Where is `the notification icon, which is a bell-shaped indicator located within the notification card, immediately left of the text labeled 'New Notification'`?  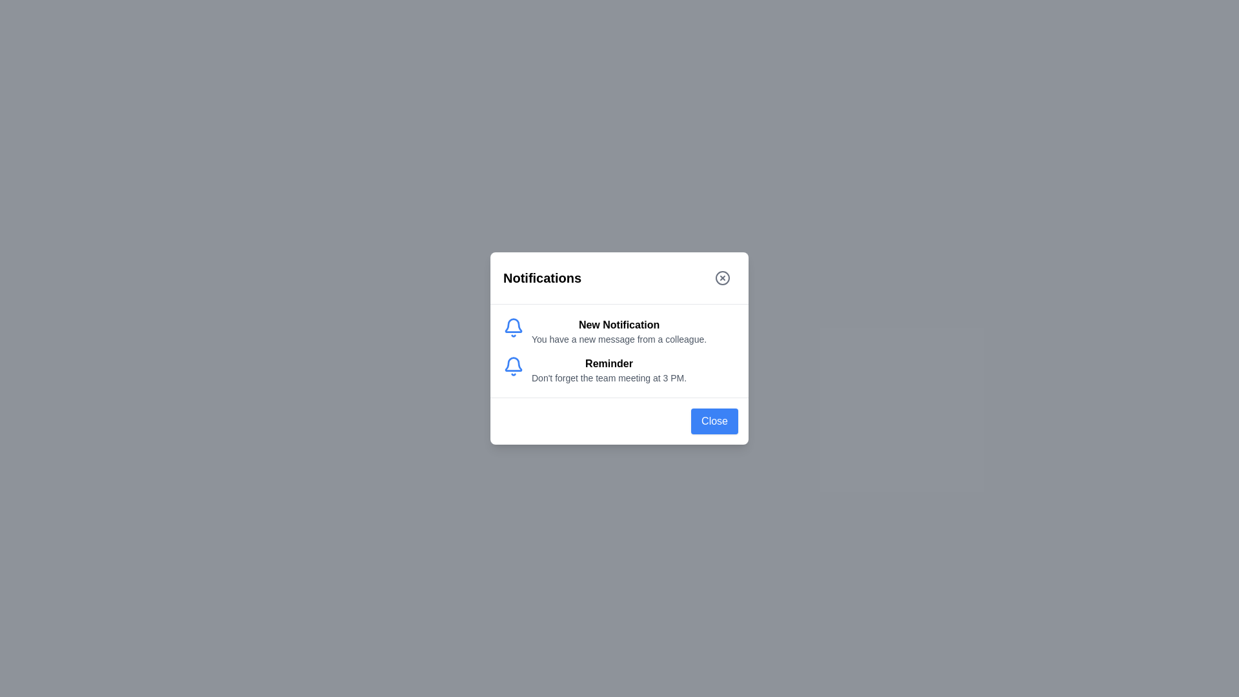
the notification icon, which is a bell-shaped indicator located within the notification card, immediately left of the text labeled 'New Notification' is located at coordinates (513, 366).